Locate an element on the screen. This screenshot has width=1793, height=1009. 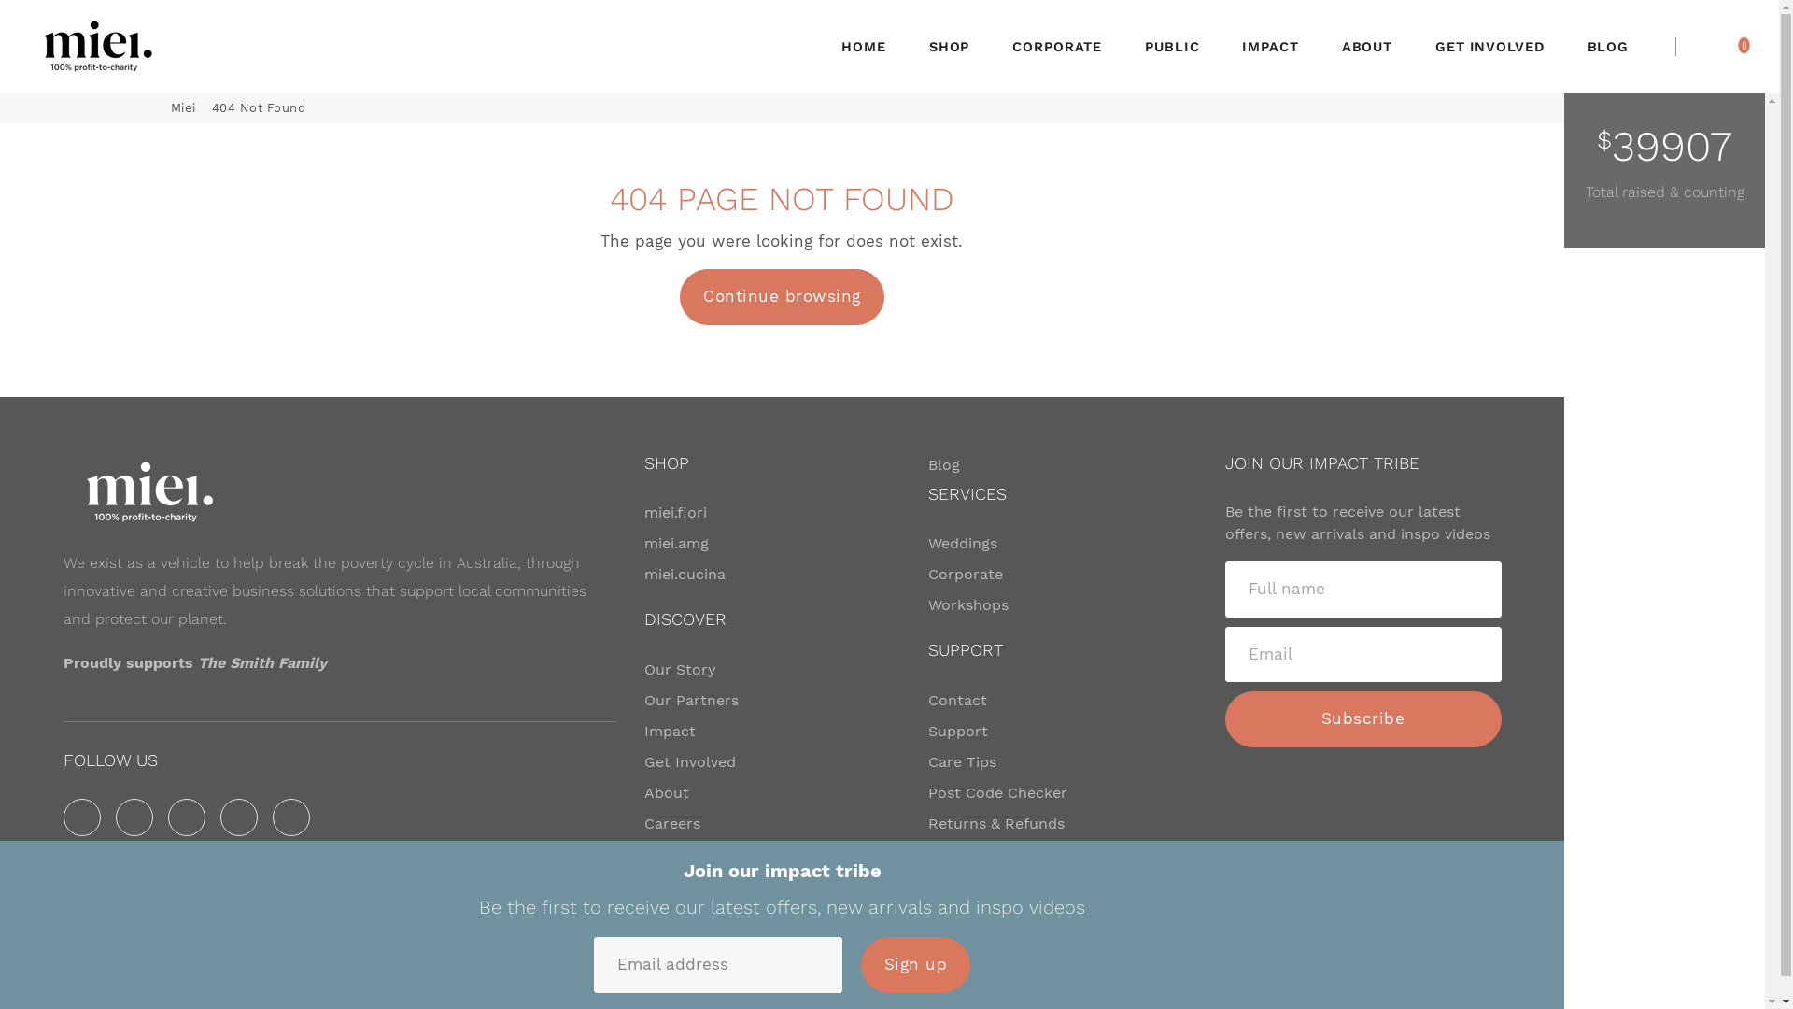
'Our Story' is located at coordinates (679, 669).